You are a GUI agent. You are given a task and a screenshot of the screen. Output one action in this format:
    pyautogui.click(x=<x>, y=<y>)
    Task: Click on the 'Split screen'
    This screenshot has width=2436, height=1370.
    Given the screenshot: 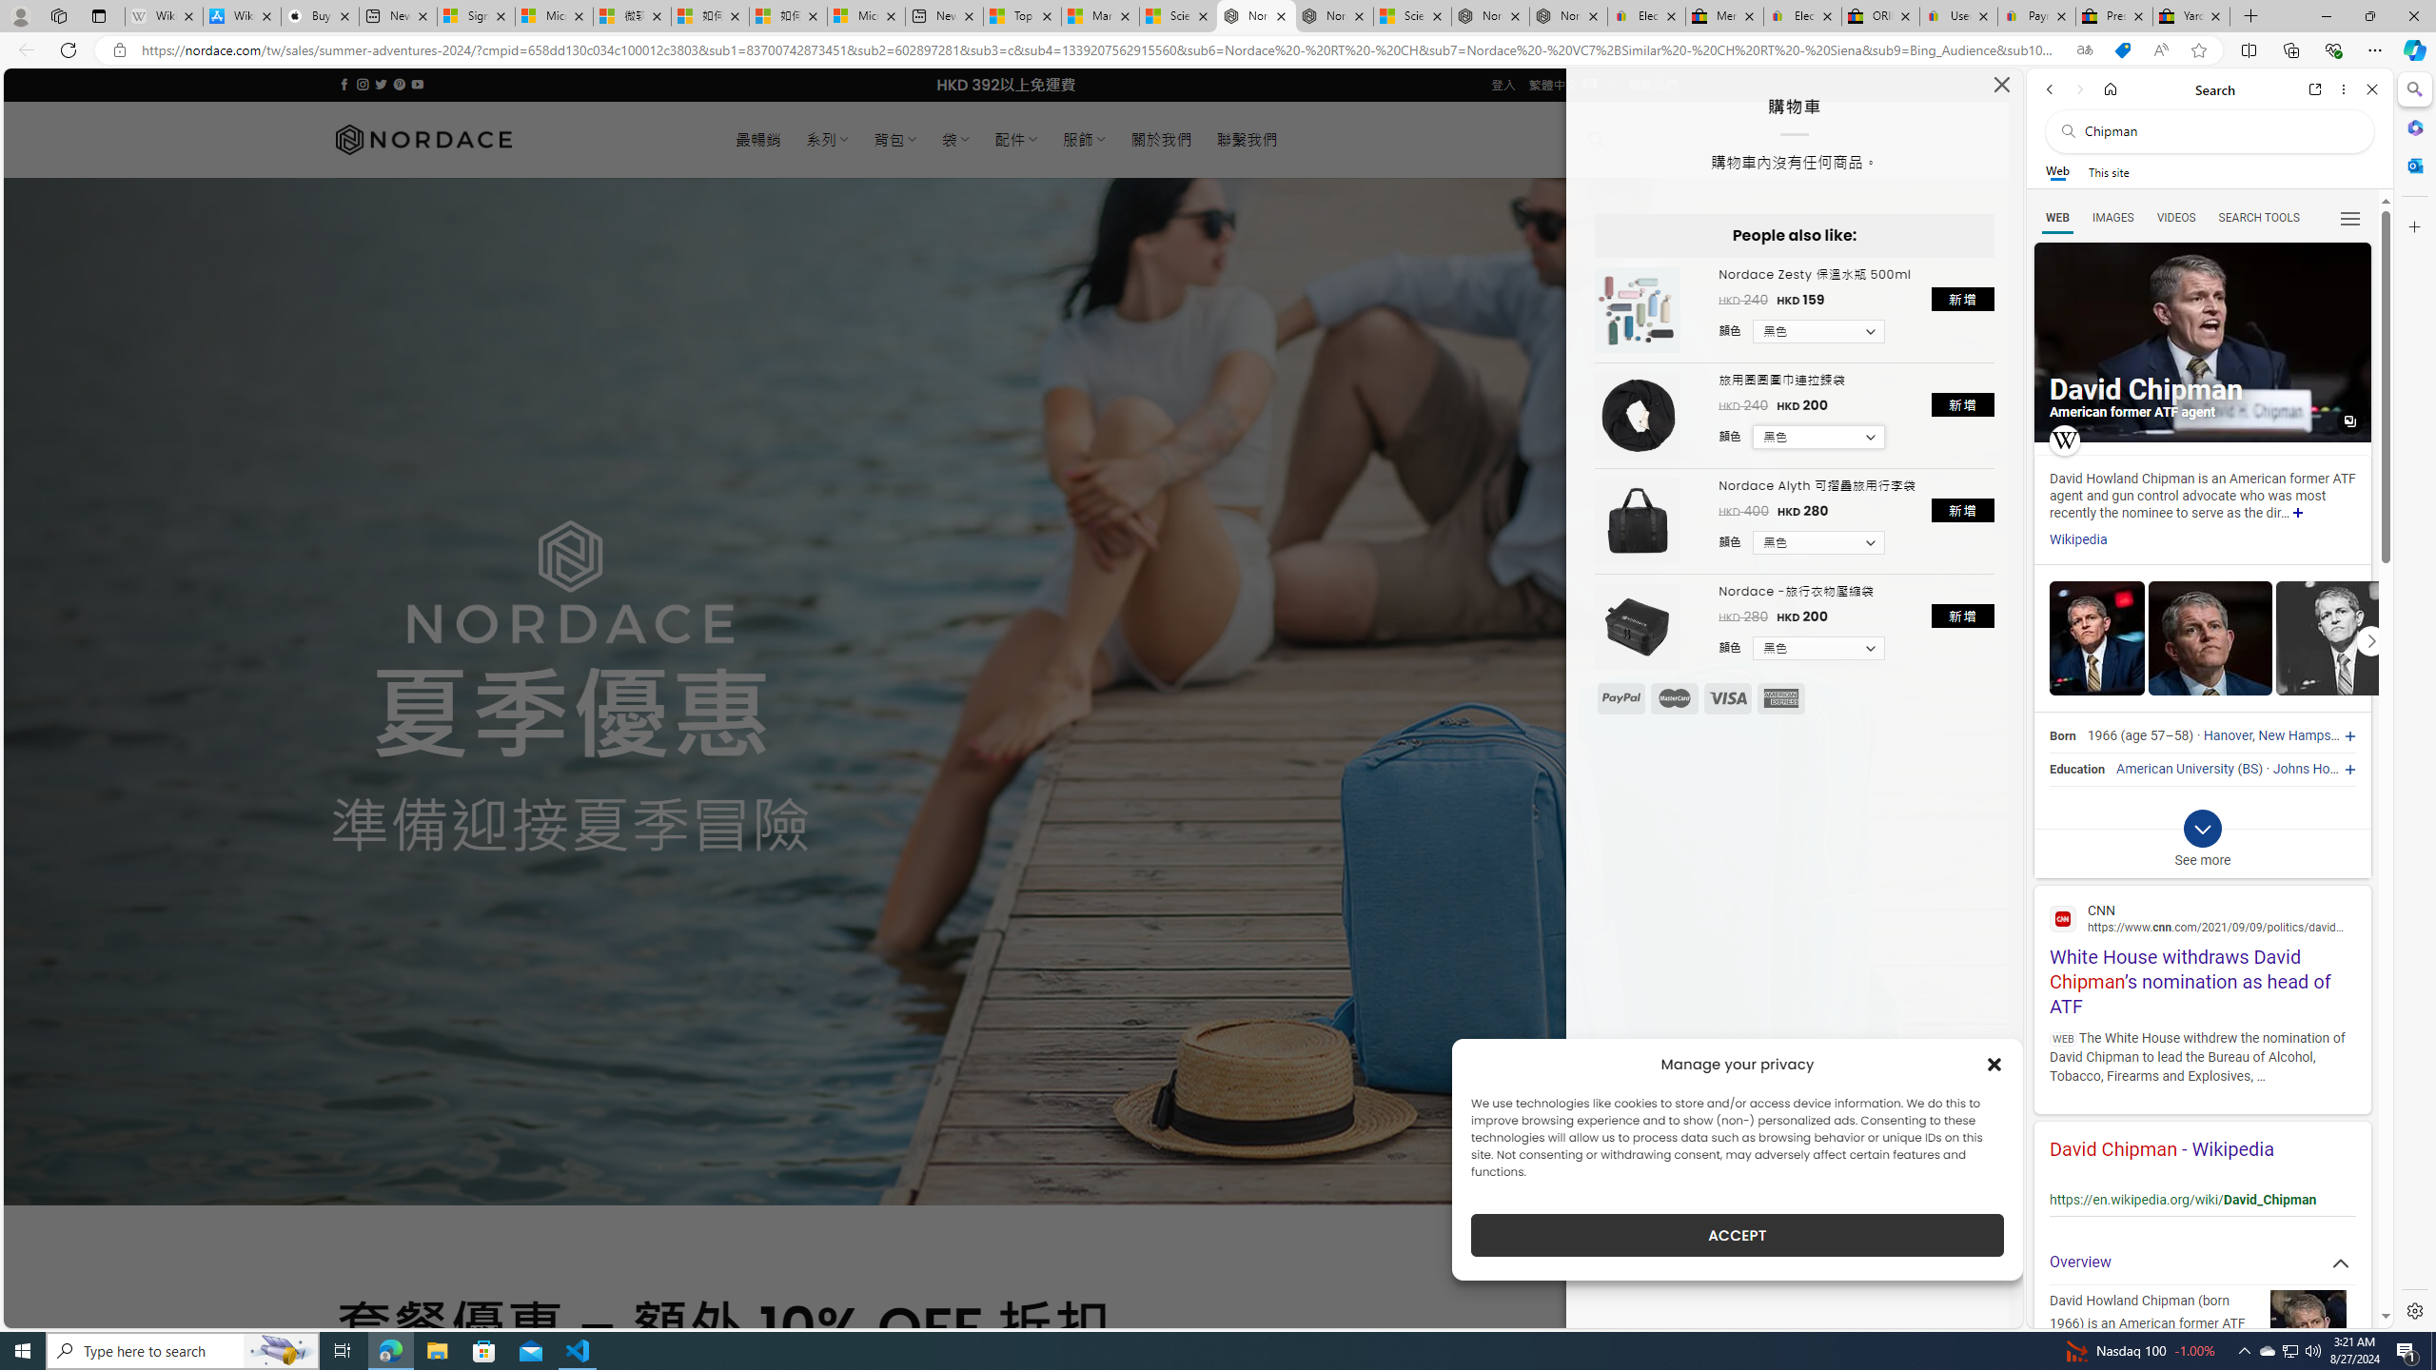 What is the action you would take?
    pyautogui.click(x=2249, y=49)
    